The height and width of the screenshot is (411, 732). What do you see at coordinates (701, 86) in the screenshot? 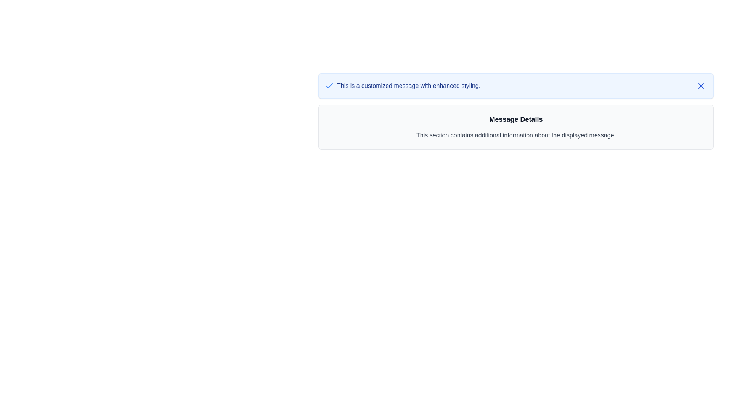
I see `the close button icon located at the top-right corner of the blue message box to enhance its outline visibility` at bounding box center [701, 86].